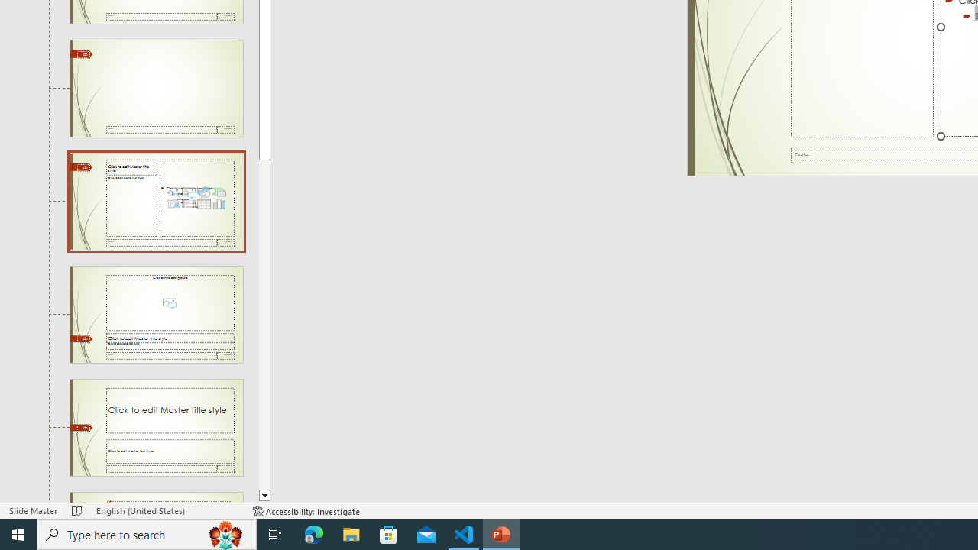 This screenshot has height=550, width=978. I want to click on 'Slide Blank Layout: used by no slides', so click(156, 89).